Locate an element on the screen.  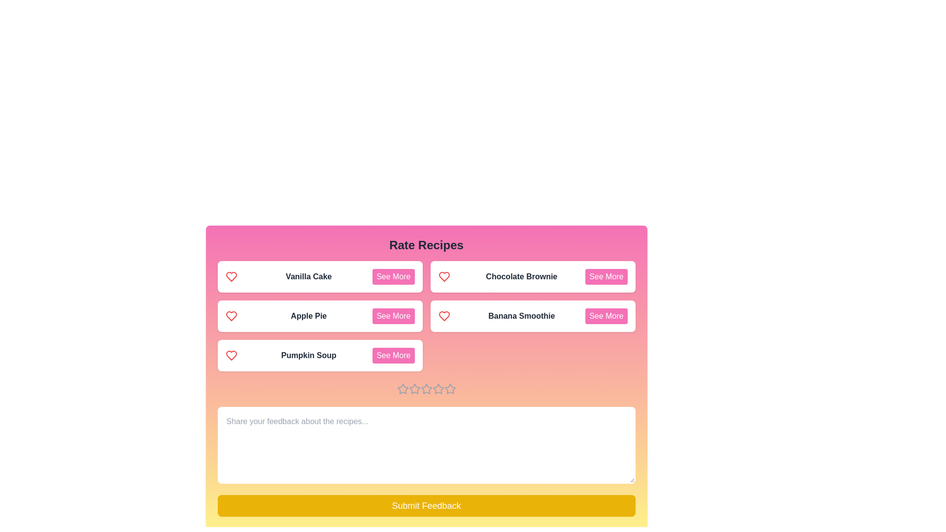
the 'See More' button for the recipe Pumpkin Soup is located at coordinates (393, 355).